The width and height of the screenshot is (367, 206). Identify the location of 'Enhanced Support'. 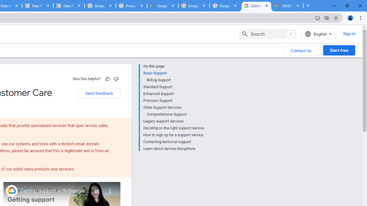
(173, 93).